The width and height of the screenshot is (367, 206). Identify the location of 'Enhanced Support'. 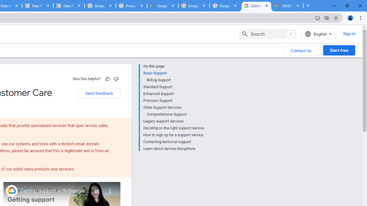
(173, 93).